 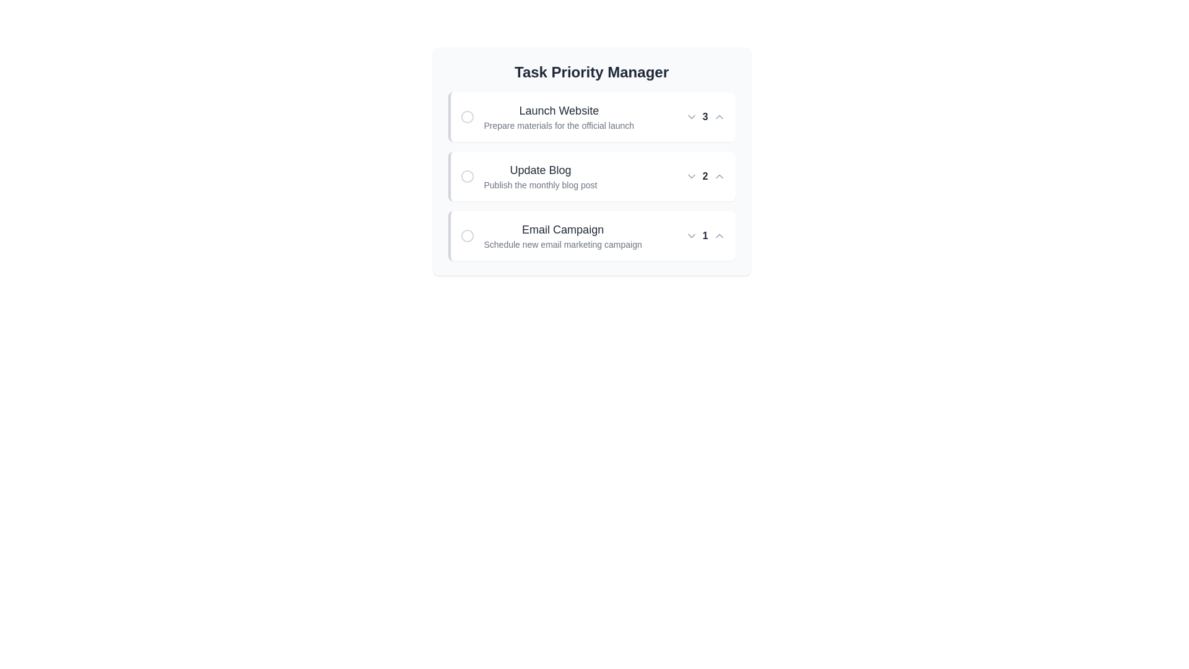 I want to click on the static text element that reads 'Email Campaign' and 'Schedule new email marketing campaign' in the third row of the 'Task Priority Manager' list, so click(x=562, y=236).